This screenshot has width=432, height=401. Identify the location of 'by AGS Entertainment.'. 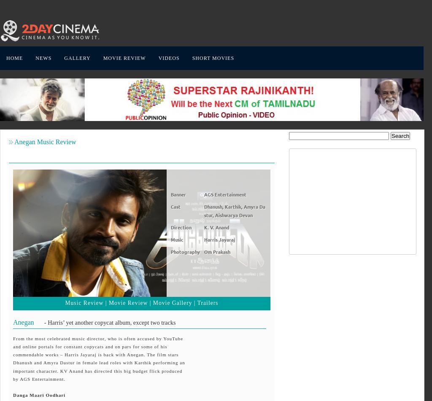
(39, 378).